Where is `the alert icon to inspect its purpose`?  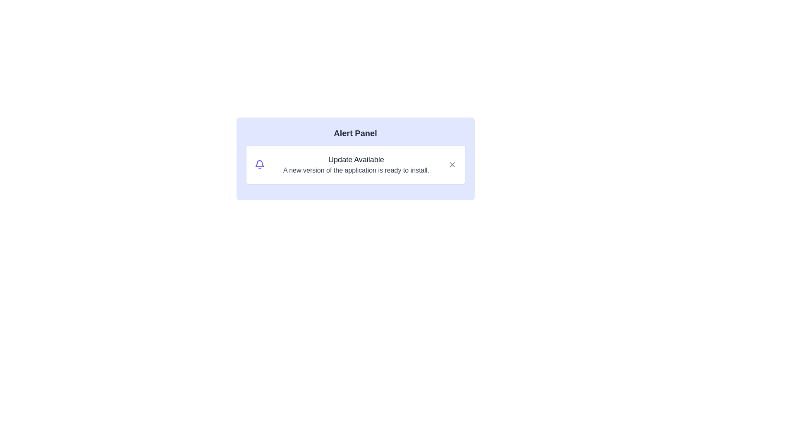
the alert icon to inspect its purpose is located at coordinates (259, 164).